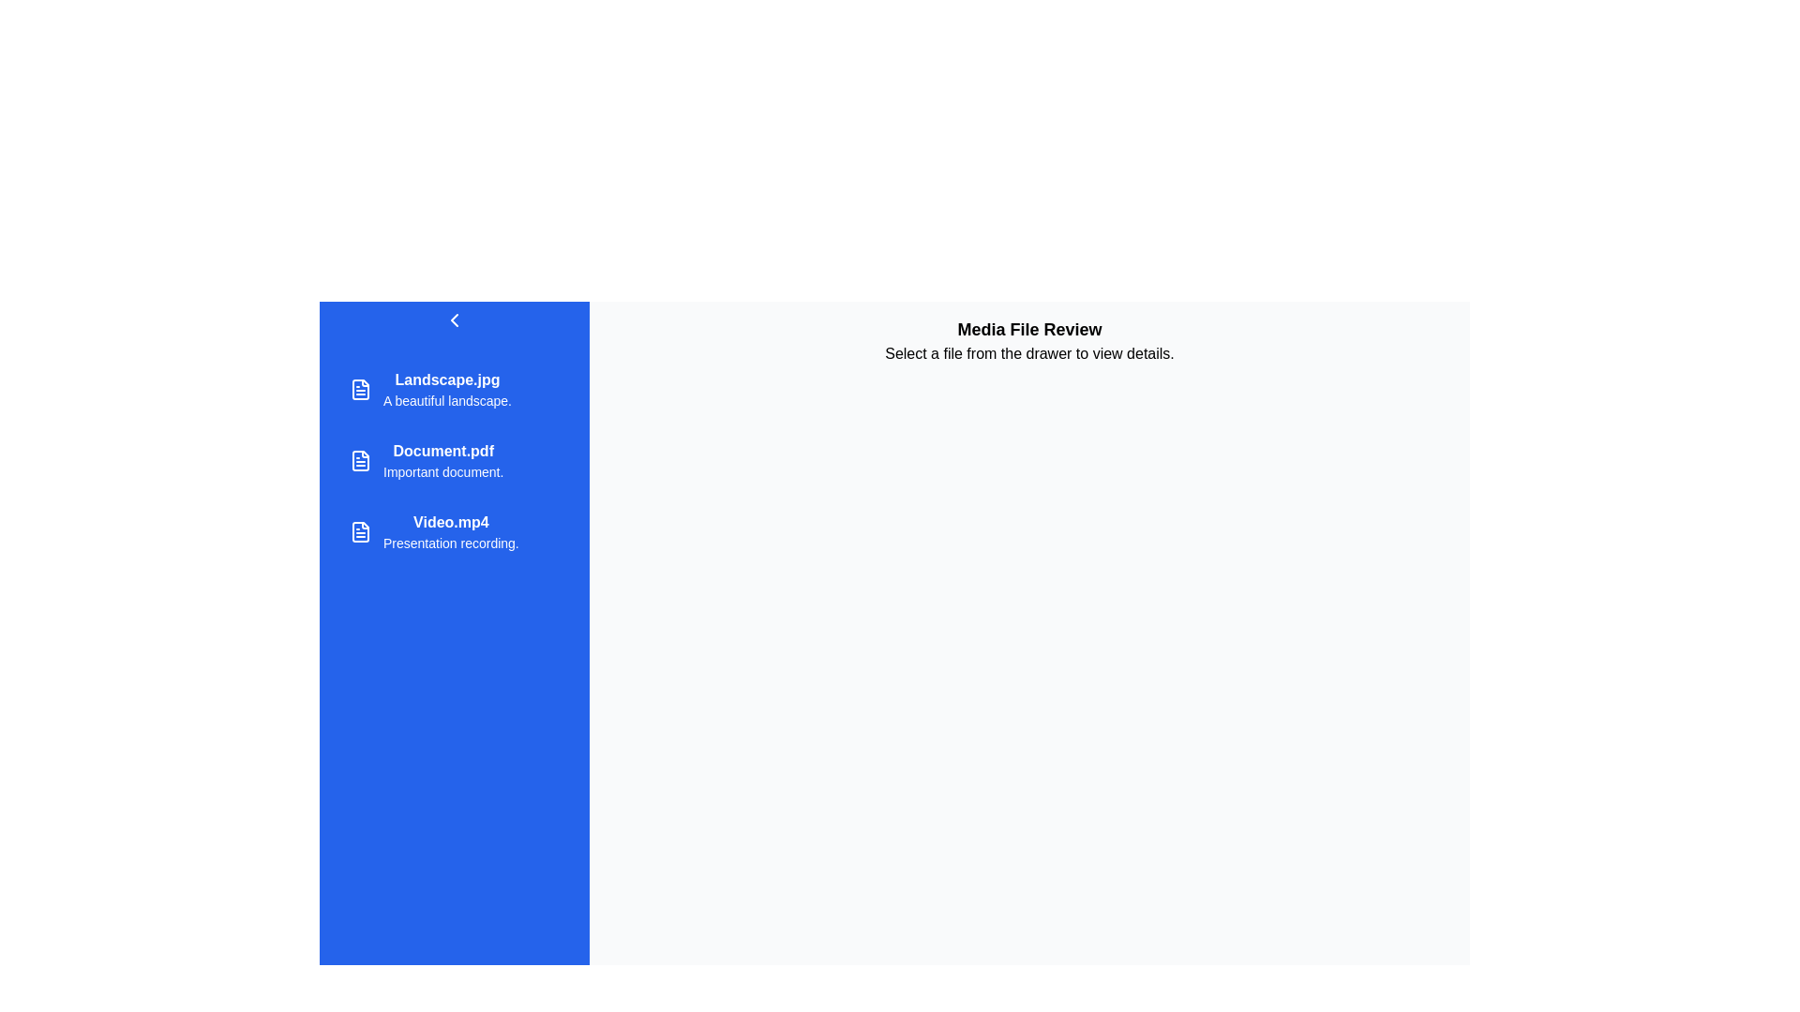 The width and height of the screenshot is (1800, 1012). Describe the element at coordinates (1028, 354) in the screenshot. I see `the text display element that reads 'Select a file from the drawer` at that location.